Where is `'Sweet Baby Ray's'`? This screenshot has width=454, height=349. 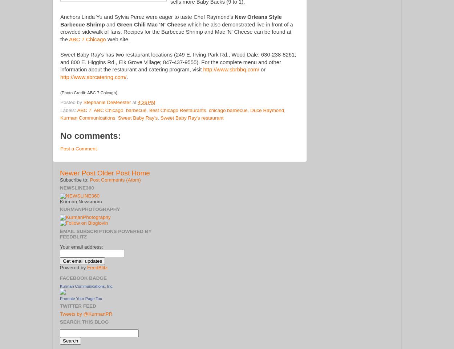 'Sweet Baby Ray's' is located at coordinates (138, 118).